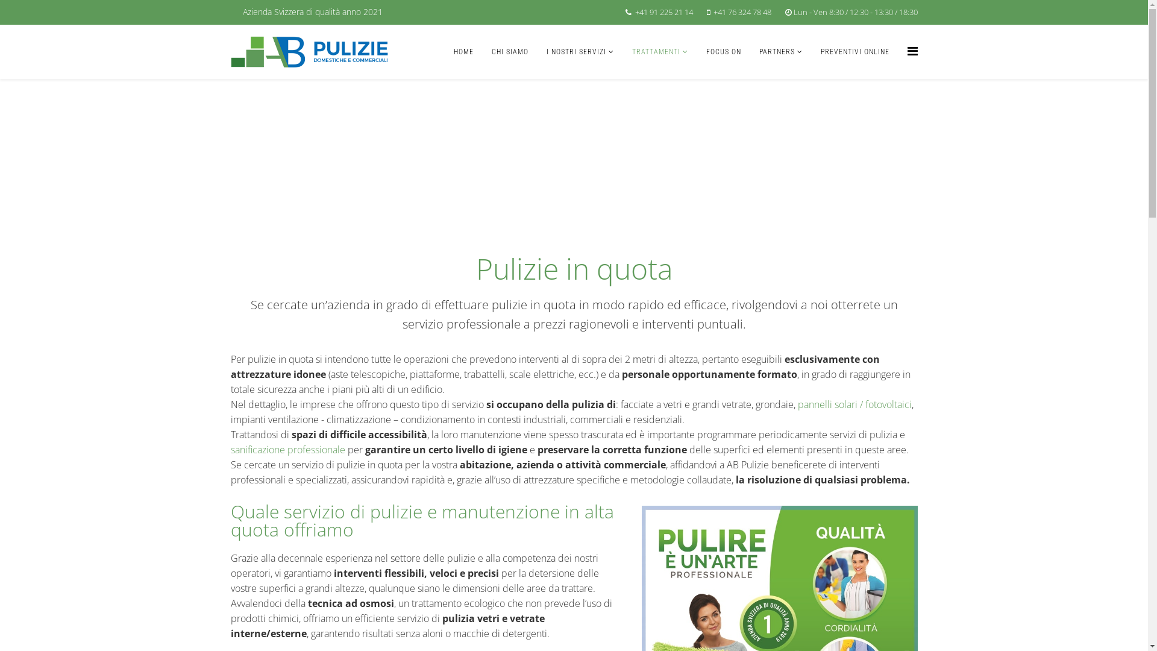 This screenshot has height=651, width=1157. What do you see at coordinates (663, 12) in the screenshot?
I see `'+41 91 225 21 14'` at bounding box center [663, 12].